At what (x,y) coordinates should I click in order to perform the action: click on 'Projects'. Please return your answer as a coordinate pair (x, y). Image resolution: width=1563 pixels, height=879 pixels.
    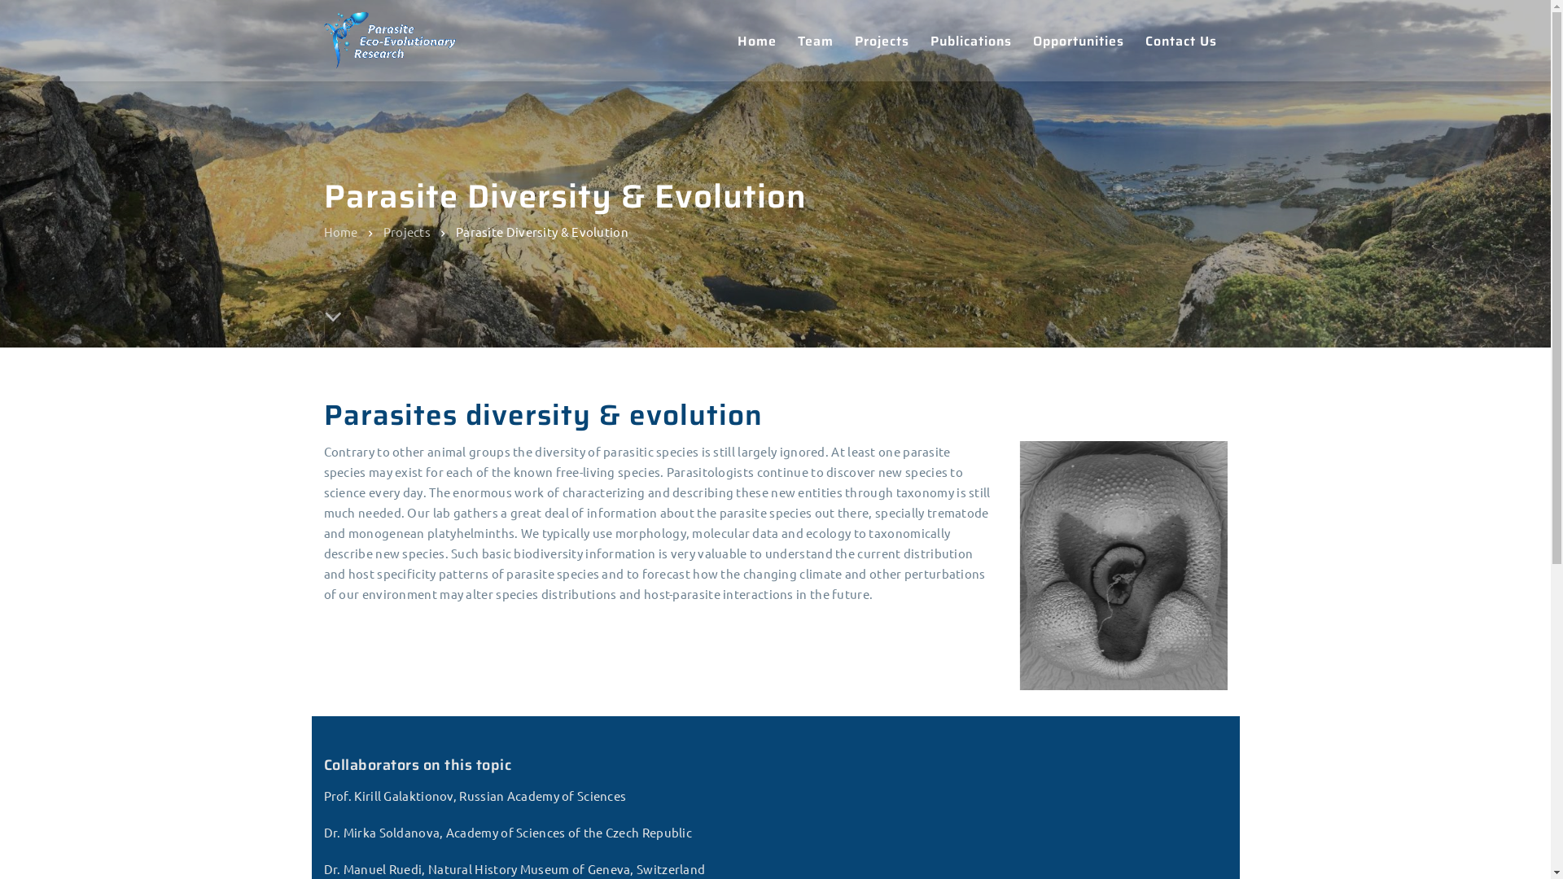
    Looking at the image, I should click on (382, 230).